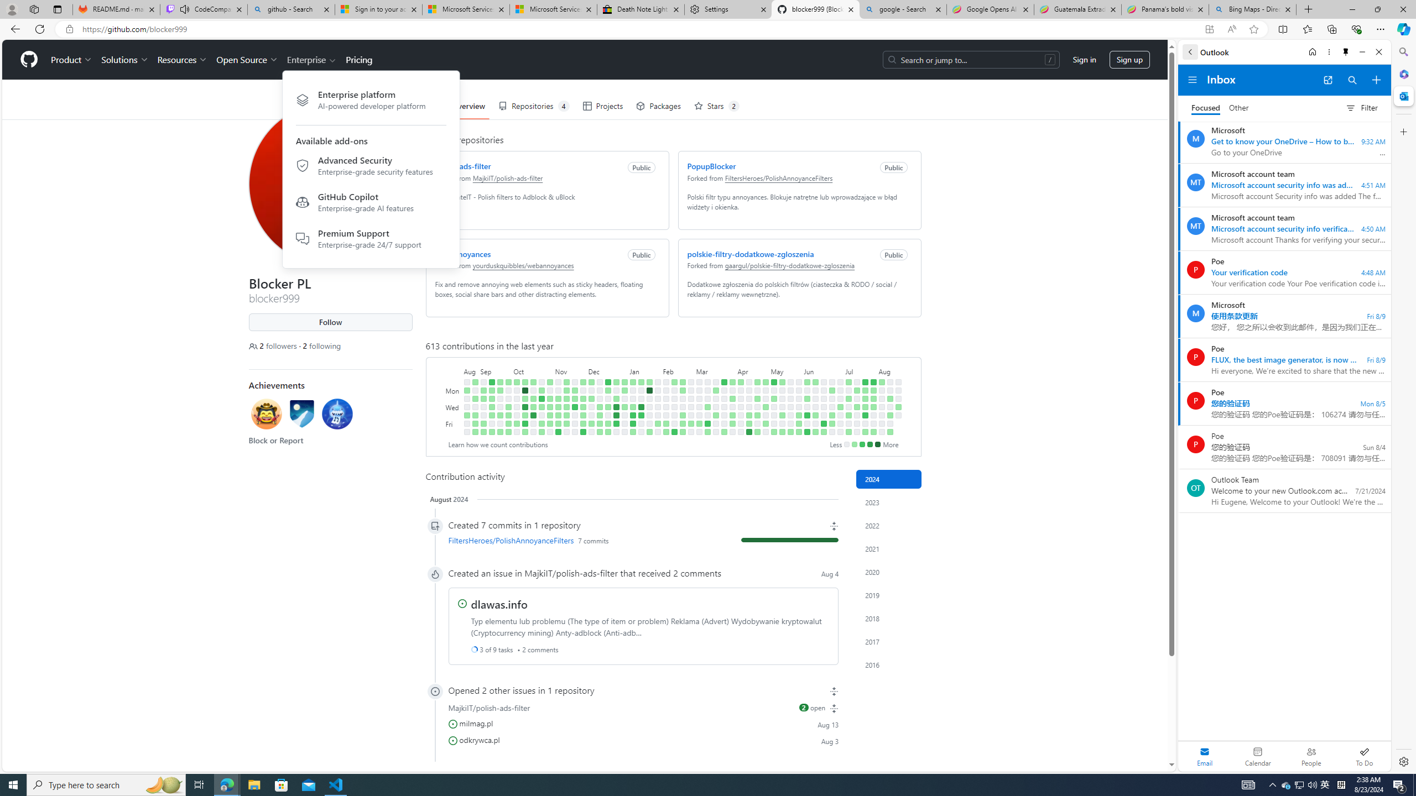  What do you see at coordinates (665, 406) in the screenshot?
I see `'No contributions on February 7th.'` at bounding box center [665, 406].